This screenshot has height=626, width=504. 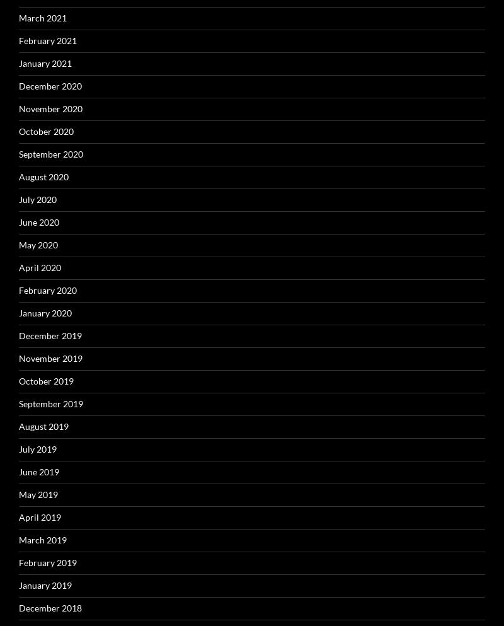 What do you see at coordinates (19, 448) in the screenshot?
I see `'July 2019'` at bounding box center [19, 448].